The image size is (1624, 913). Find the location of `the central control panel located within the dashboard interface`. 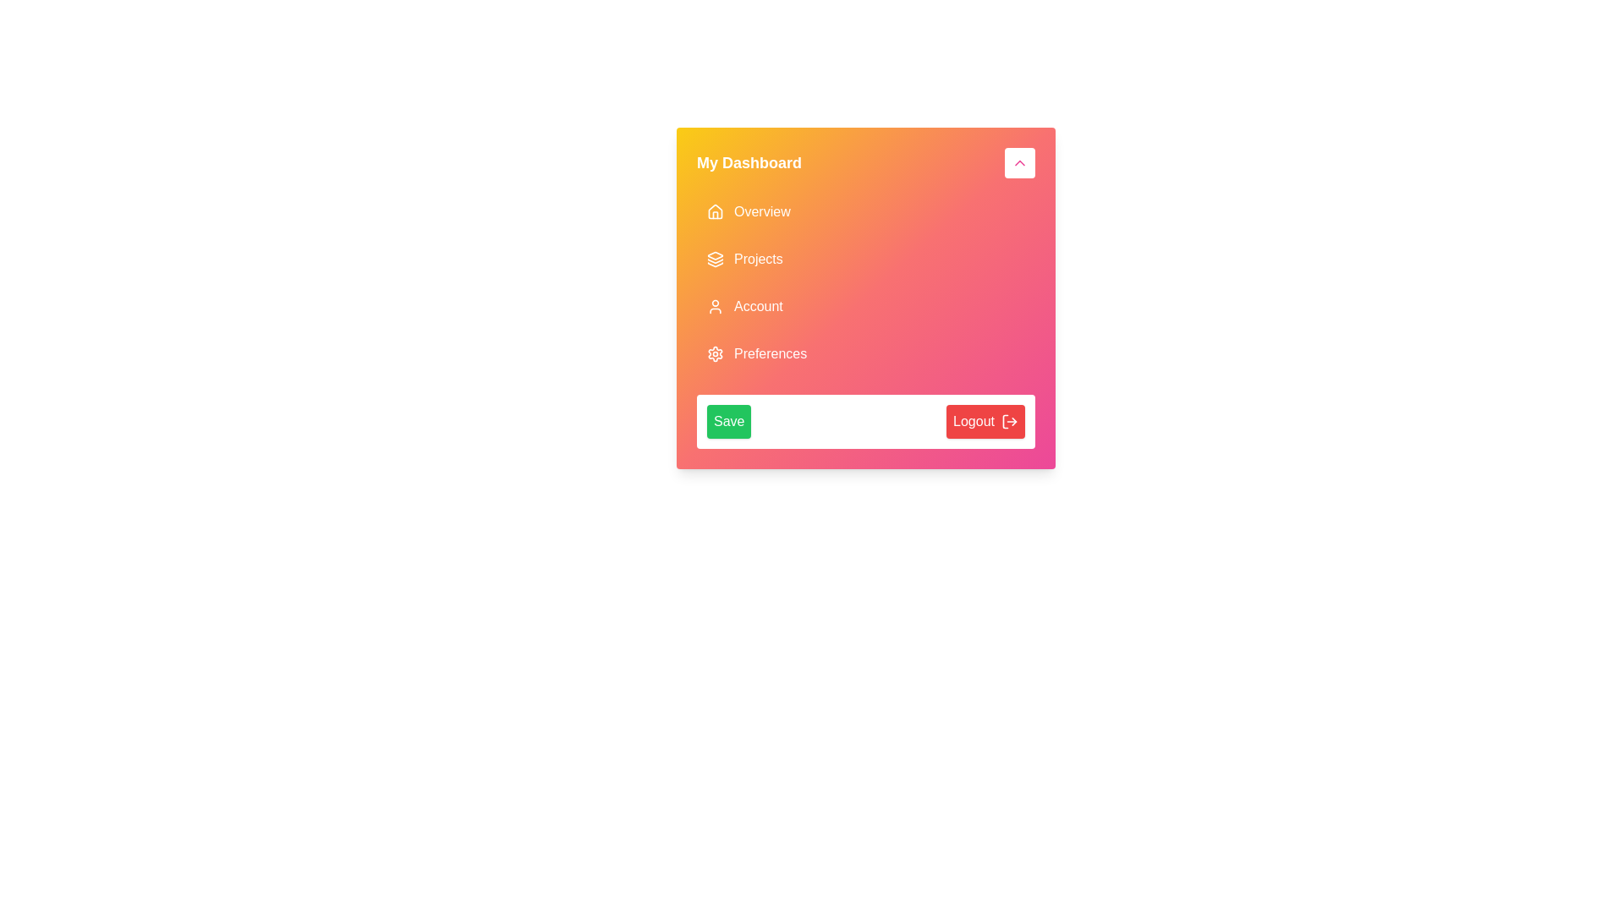

the central control panel located within the dashboard interface is located at coordinates (865, 298).